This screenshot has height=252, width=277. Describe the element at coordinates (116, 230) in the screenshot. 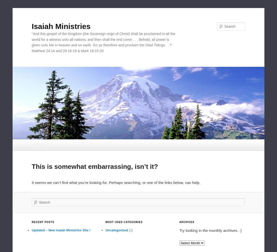

I see `'Uncategorized'` at that location.